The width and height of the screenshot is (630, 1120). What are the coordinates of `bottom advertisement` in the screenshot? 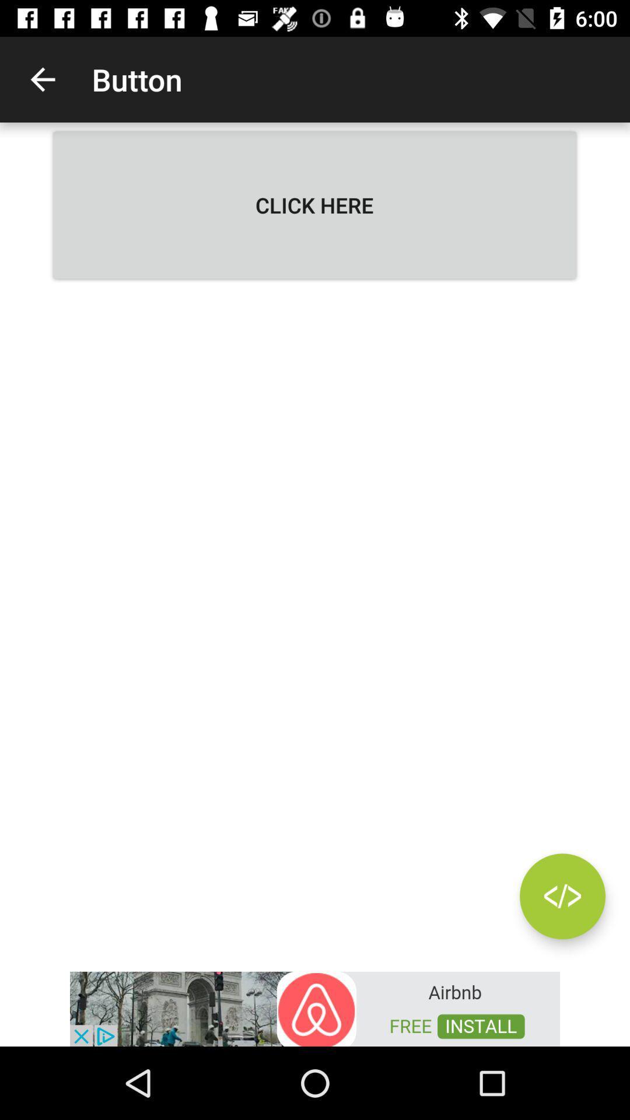 It's located at (315, 1007).